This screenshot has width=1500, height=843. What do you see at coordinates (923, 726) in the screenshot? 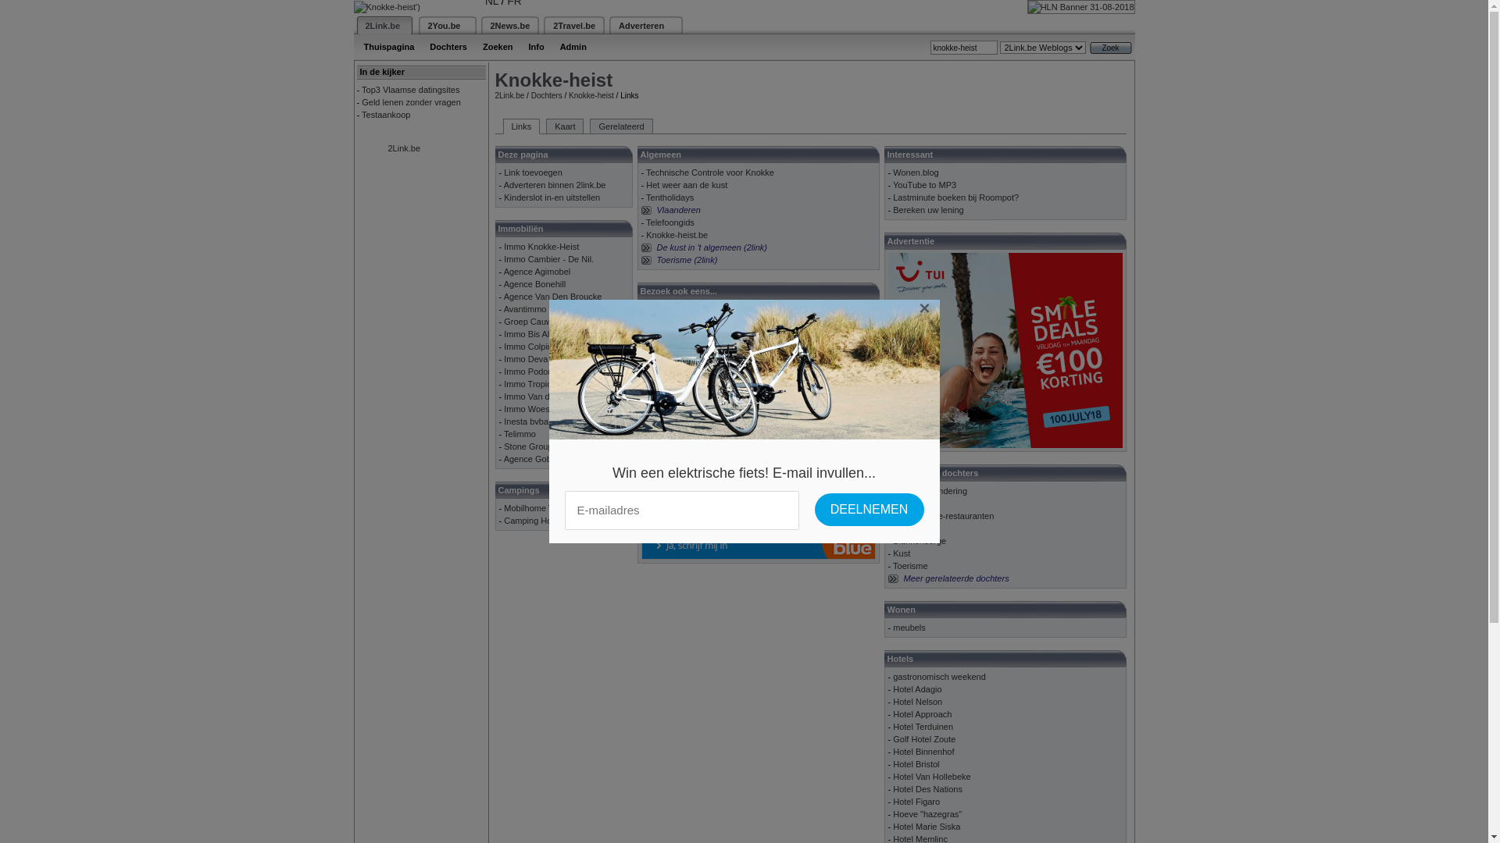
I see `'Hotel Terduinen'` at bounding box center [923, 726].